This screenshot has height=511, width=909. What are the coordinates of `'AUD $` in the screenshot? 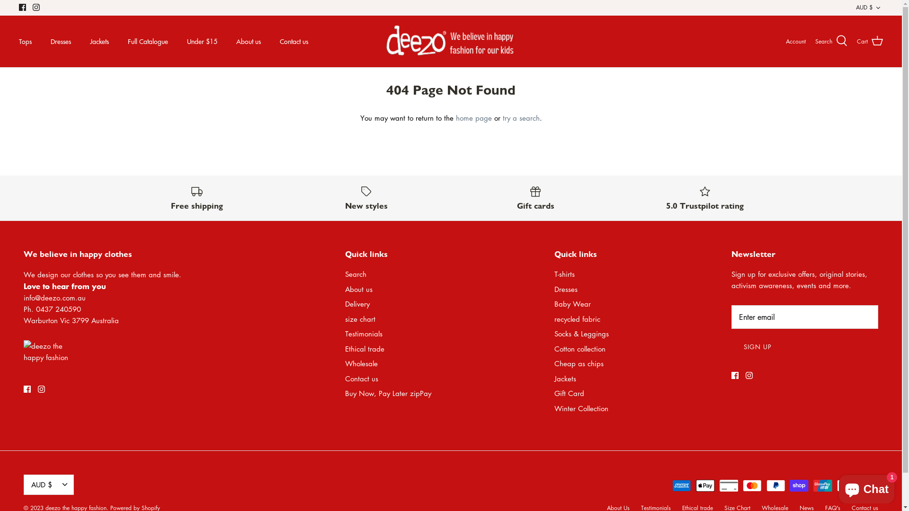 It's located at (856, 8).